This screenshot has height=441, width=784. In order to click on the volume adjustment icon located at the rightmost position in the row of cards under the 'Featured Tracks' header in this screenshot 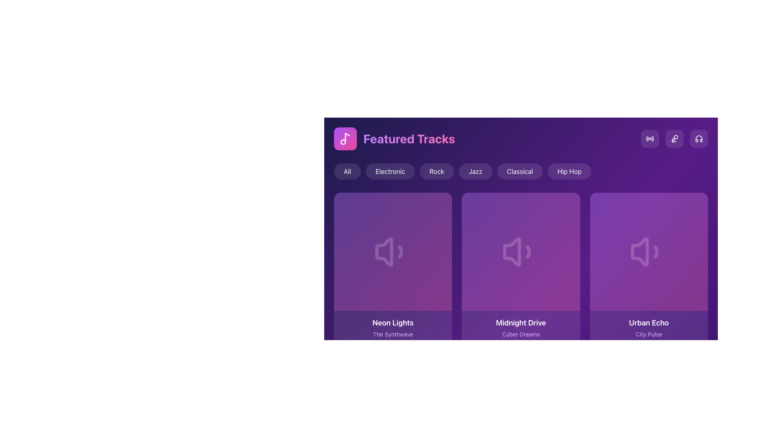, I will do `click(648, 251)`.